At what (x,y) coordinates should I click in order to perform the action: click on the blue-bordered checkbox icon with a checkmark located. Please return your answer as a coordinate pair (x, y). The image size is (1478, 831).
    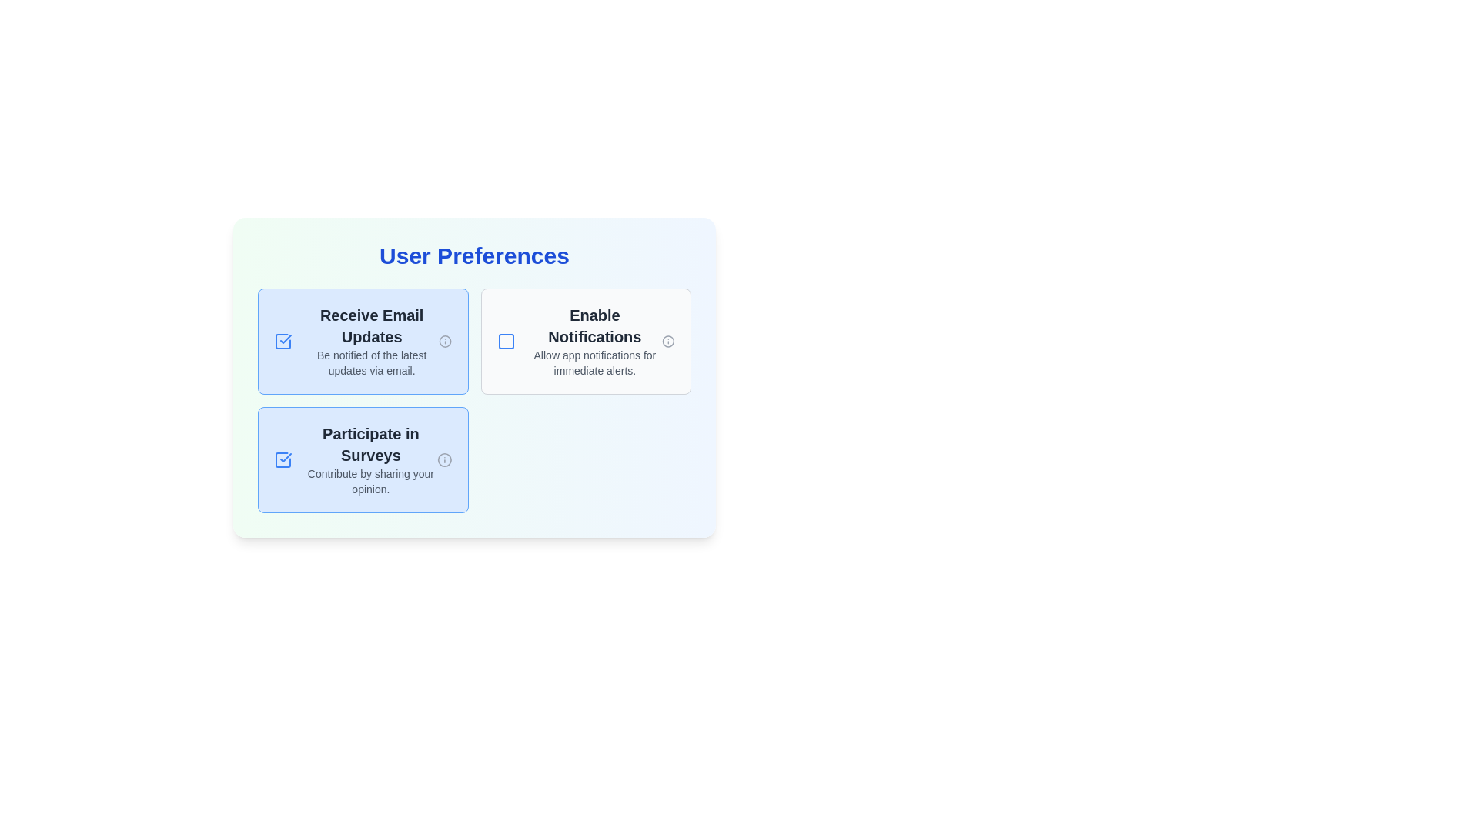
    Looking at the image, I should click on (283, 459).